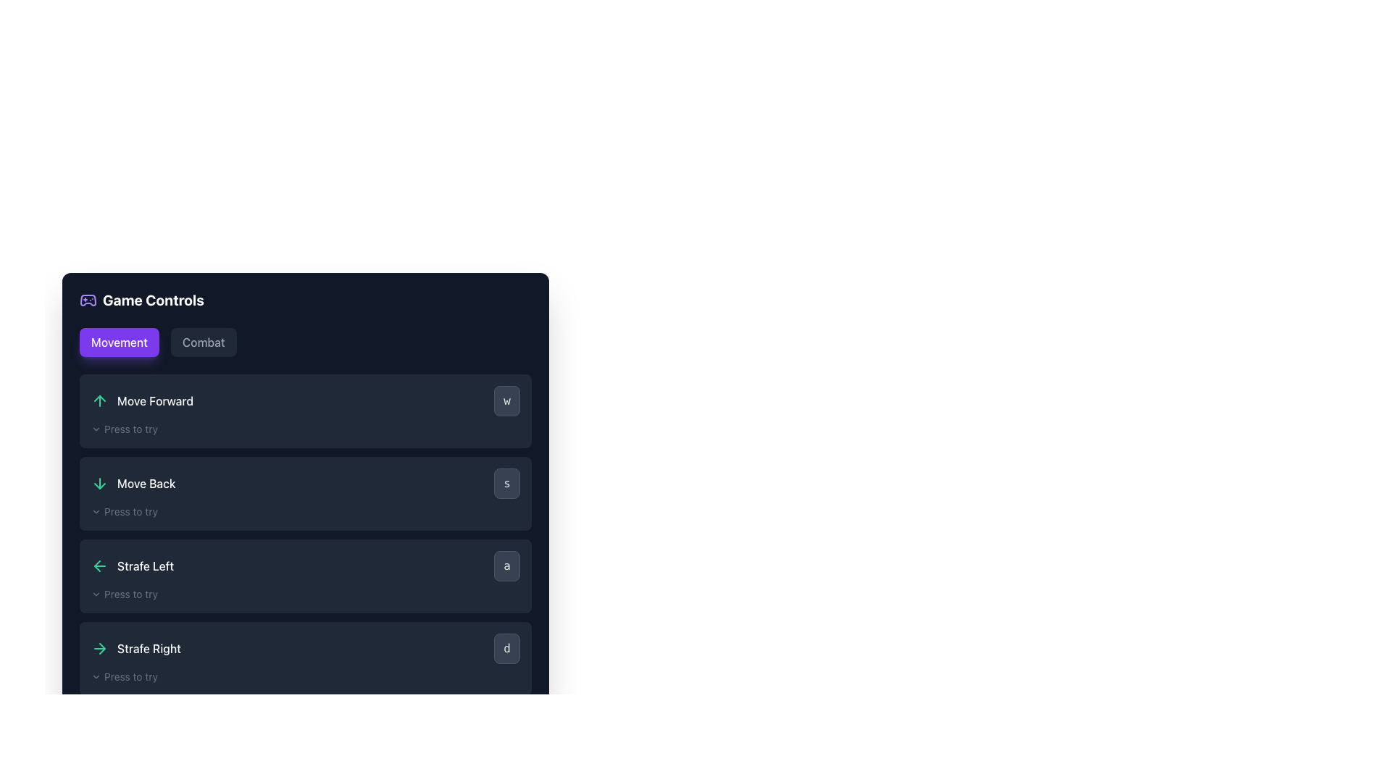 This screenshot has width=1391, height=782. What do you see at coordinates (133, 483) in the screenshot?
I see `the 'Move Back' text label with a downward-facing green arrow icon, which is located in the second row under the 'Movement' tab, directly below 'Move Forward' and above 'Strafe Left'` at bounding box center [133, 483].